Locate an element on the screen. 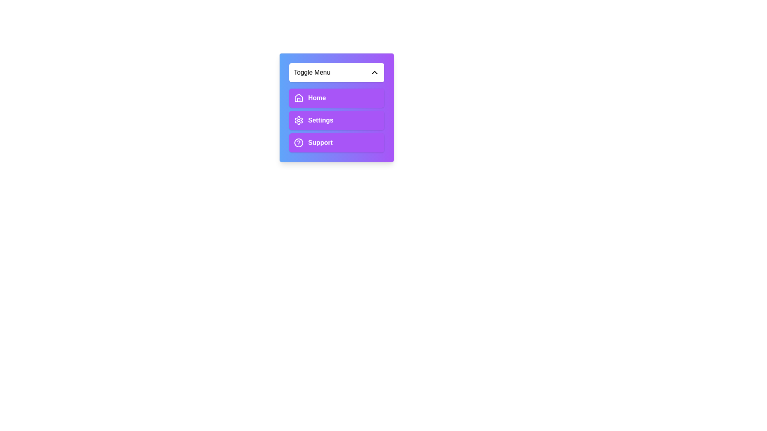 The image size is (767, 431). the 'Home' icon element located within the button at the top of the vertical menu by moving the cursor to its center point is located at coordinates (298, 98).